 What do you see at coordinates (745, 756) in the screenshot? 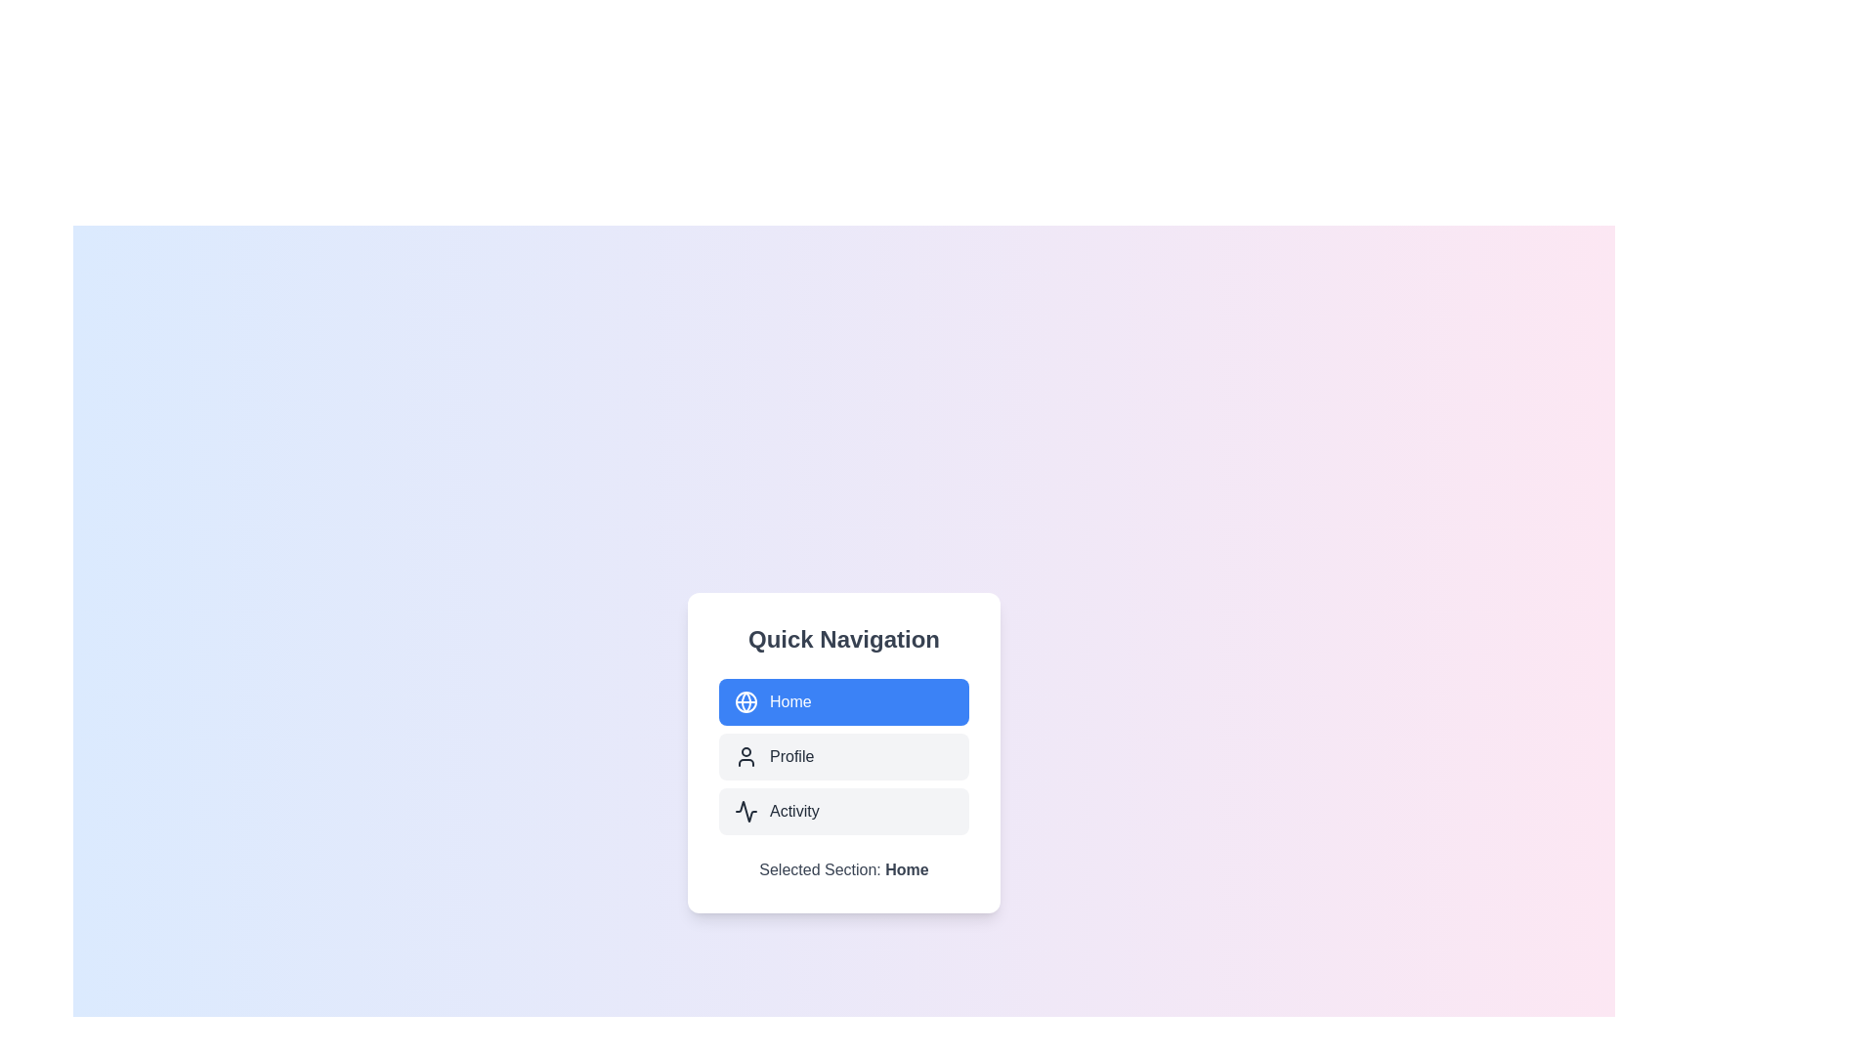
I see `the user profile icon, which is a silhouette of a person with a circular head and rounded body, located to the left of the 'Profile' text in a clickable navigation button` at bounding box center [745, 756].